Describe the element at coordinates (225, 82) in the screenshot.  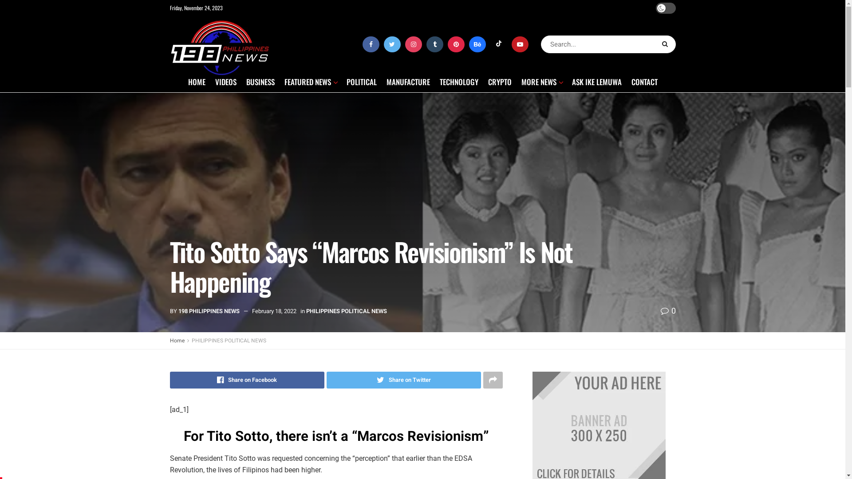
I see `'VIDEOS'` at that location.